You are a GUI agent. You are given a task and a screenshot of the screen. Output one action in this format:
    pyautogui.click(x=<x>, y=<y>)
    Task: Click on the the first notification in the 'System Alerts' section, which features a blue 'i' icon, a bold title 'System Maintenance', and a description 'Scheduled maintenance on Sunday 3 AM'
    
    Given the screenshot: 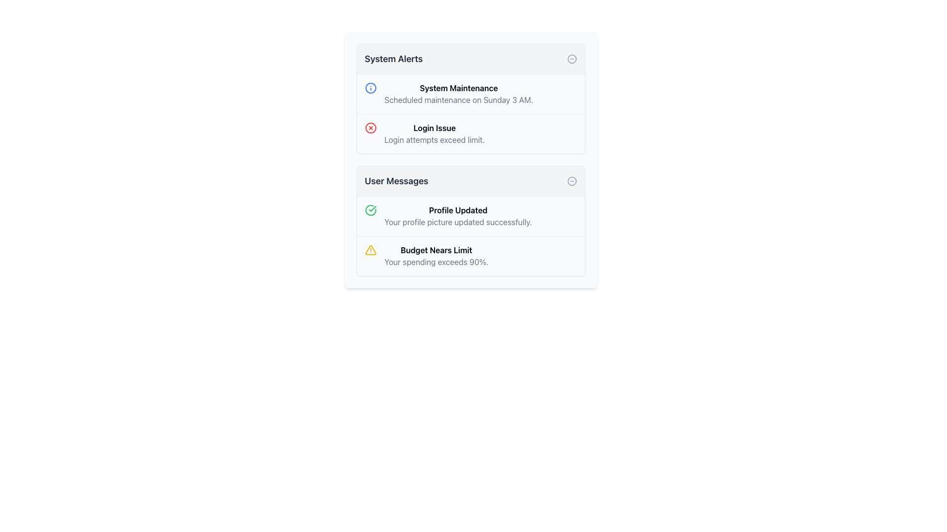 What is the action you would take?
    pyautogui.click(x=470, y=94)
    